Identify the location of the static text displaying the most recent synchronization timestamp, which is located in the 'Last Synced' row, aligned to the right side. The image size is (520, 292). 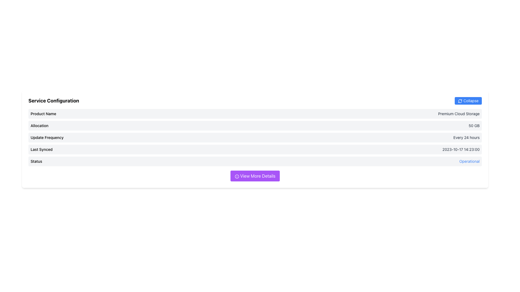
(461, 149).